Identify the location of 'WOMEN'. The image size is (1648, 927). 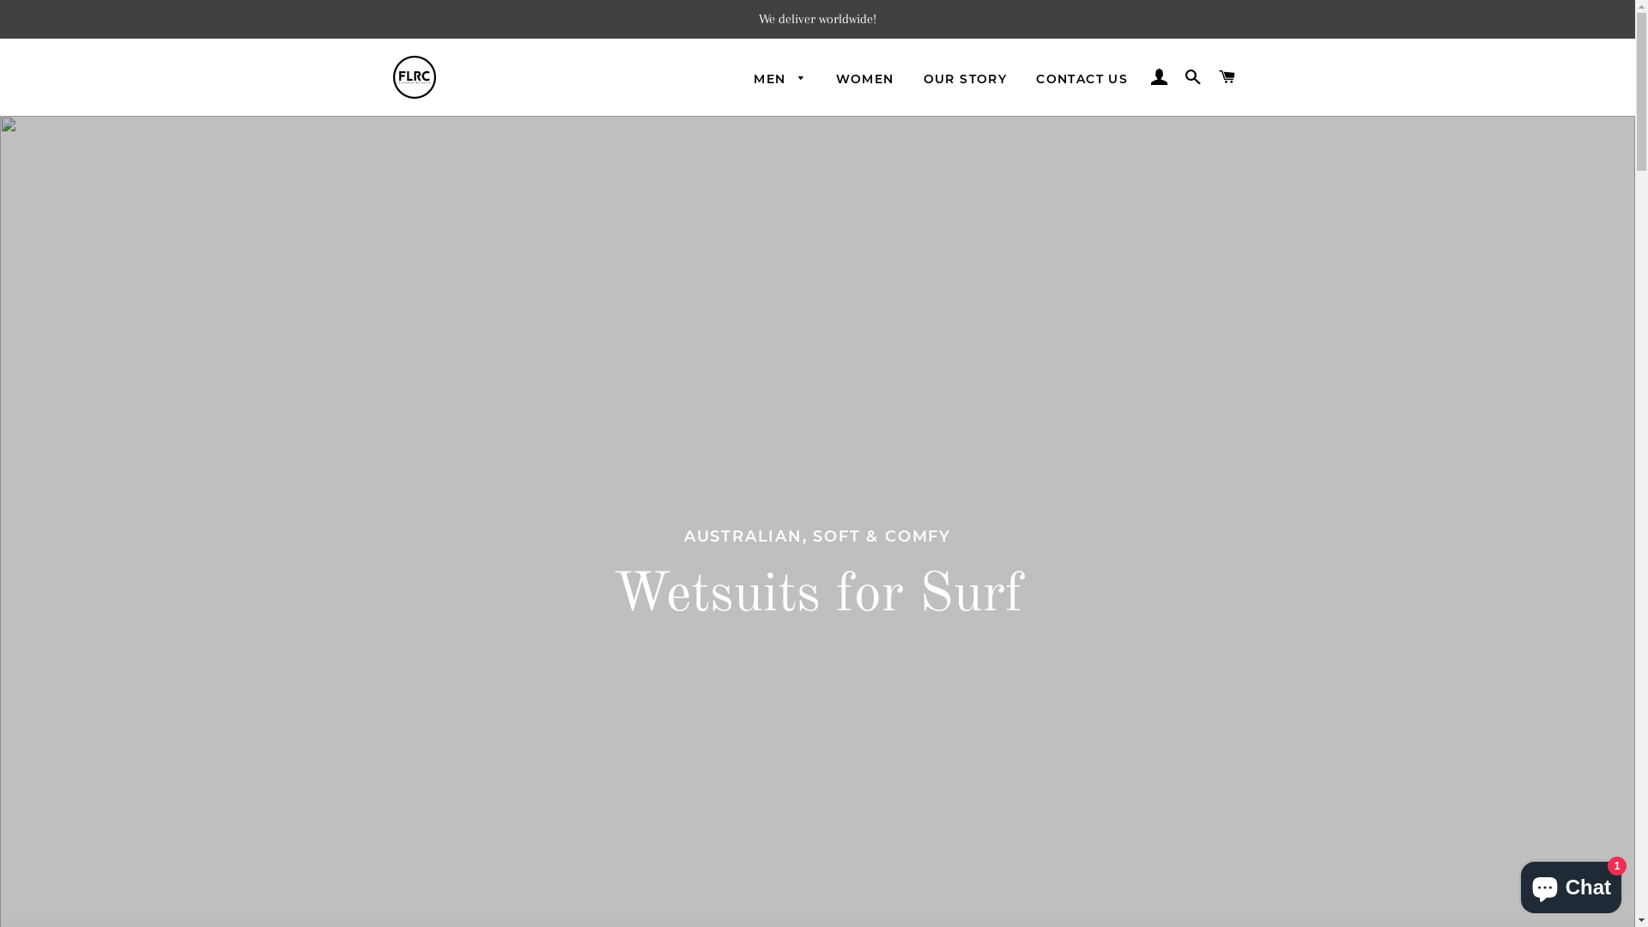
(865, 79).